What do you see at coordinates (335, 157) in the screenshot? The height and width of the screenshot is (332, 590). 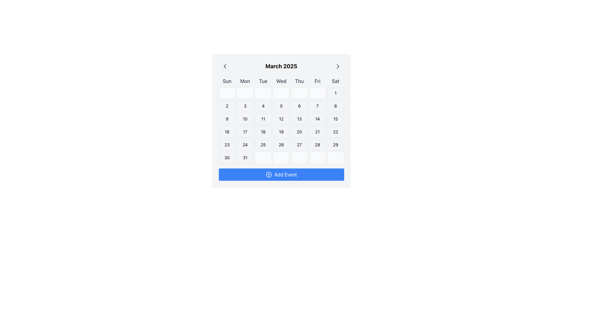 I see `the last cell of the calendar grid for March 2025, which has a light gray background and rounded corners` at bounding box center [335, 157].